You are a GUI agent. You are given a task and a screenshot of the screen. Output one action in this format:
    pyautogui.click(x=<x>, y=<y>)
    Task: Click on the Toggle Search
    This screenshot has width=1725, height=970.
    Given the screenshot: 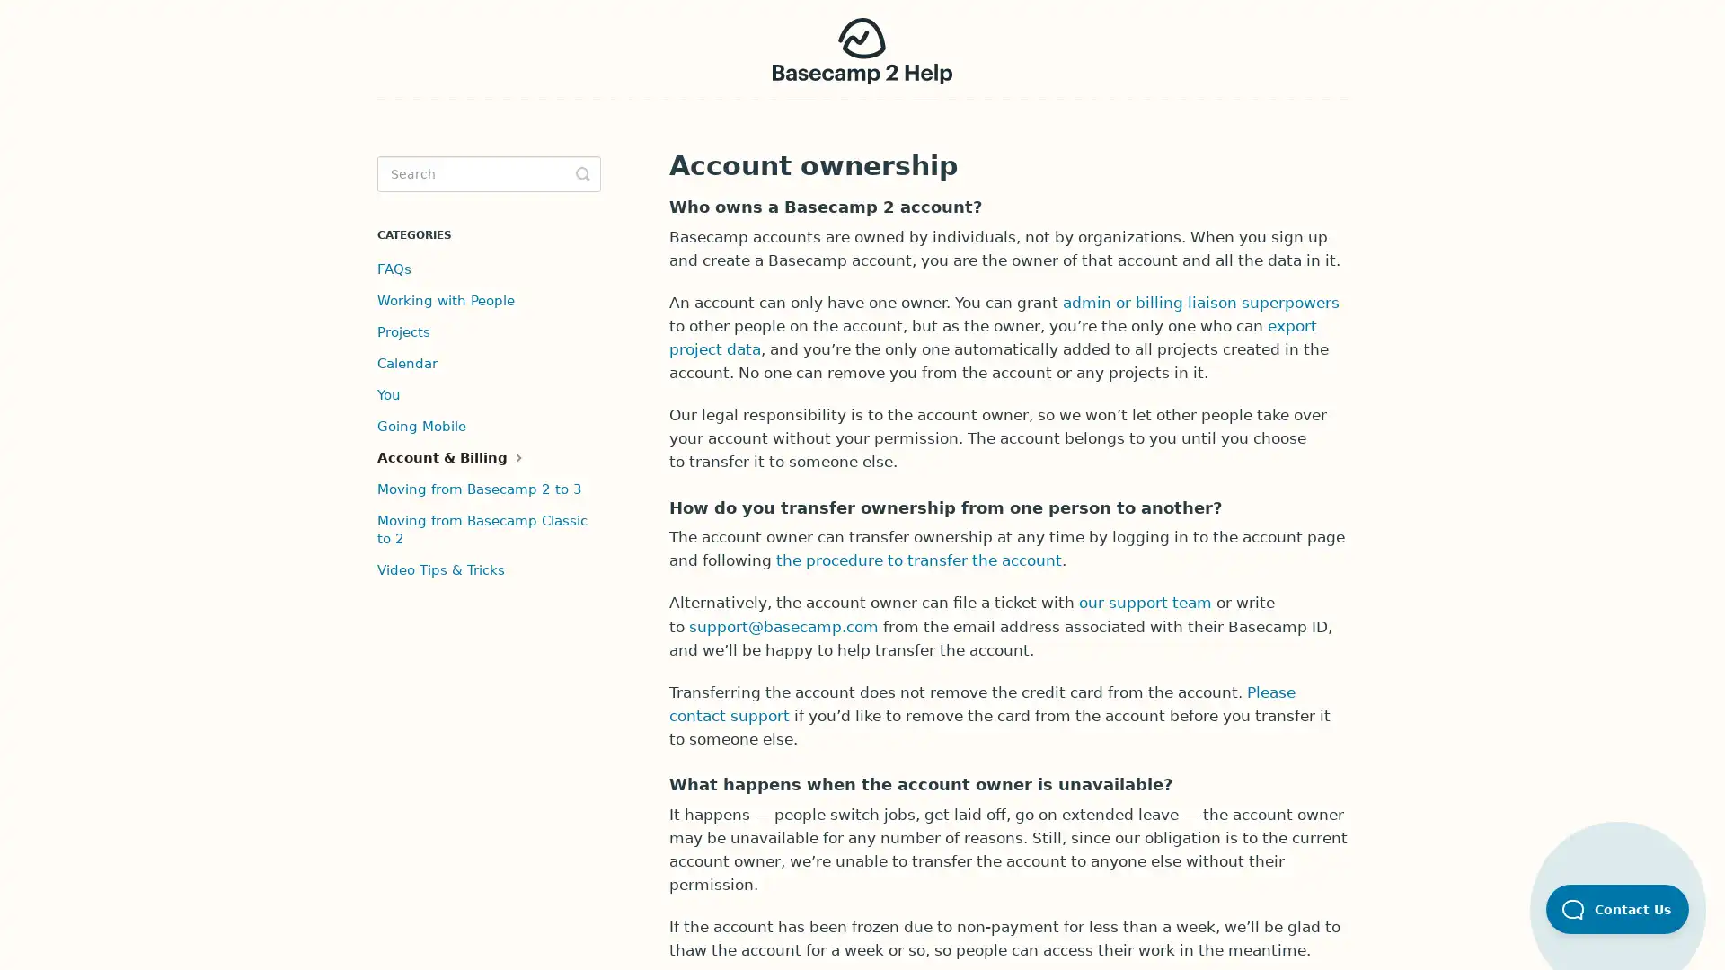 What is the action you would take?
    pyautogui.click(x=582, y=173)
    